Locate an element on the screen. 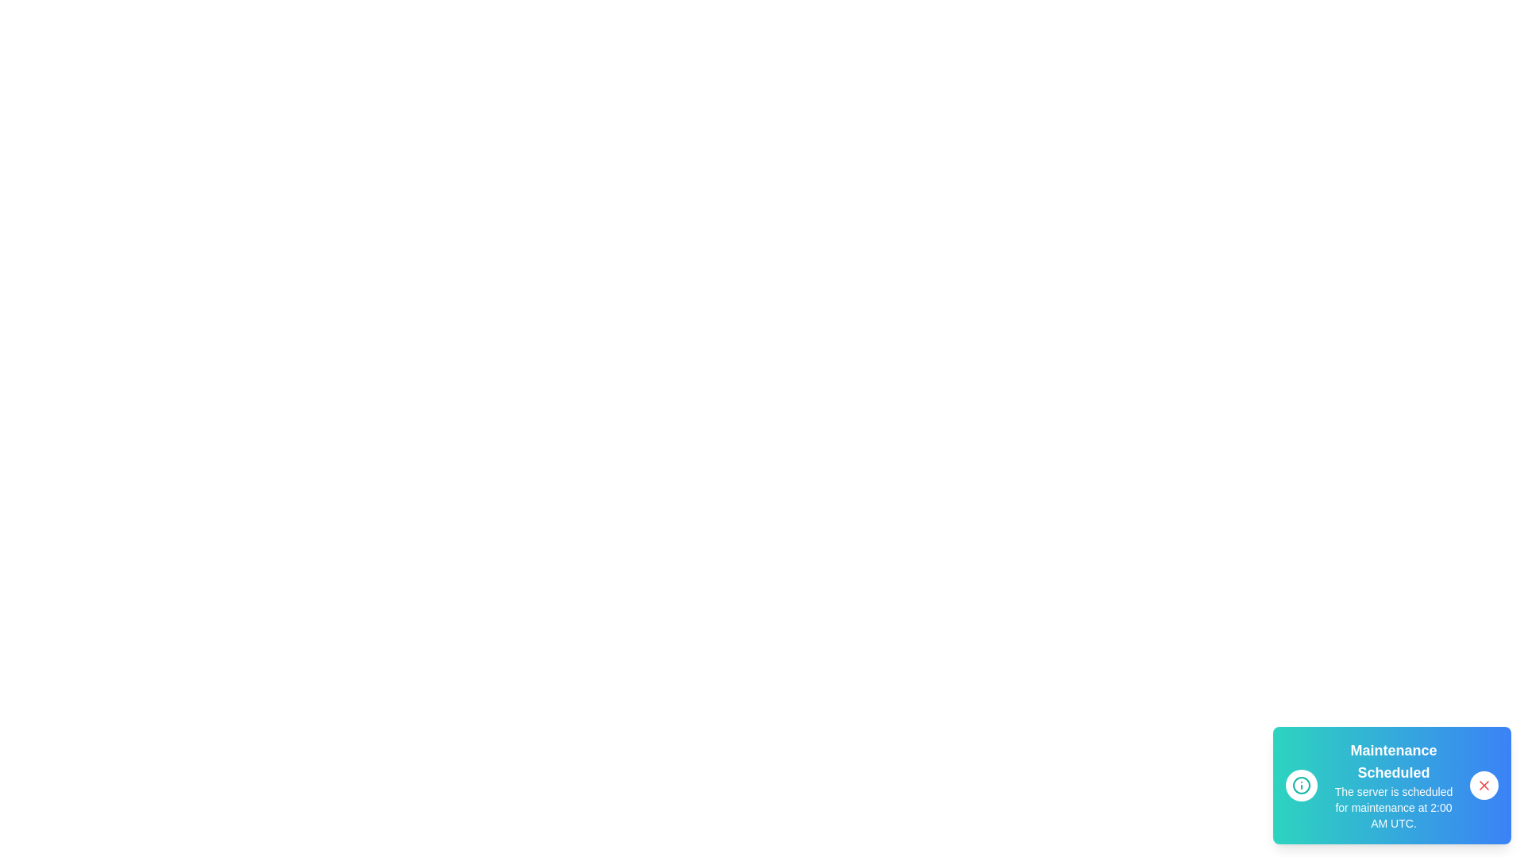 The image size is (1524, 857). the notification title labeled 'Maintenance Scheduled' is located at coordinates (1393, 761).